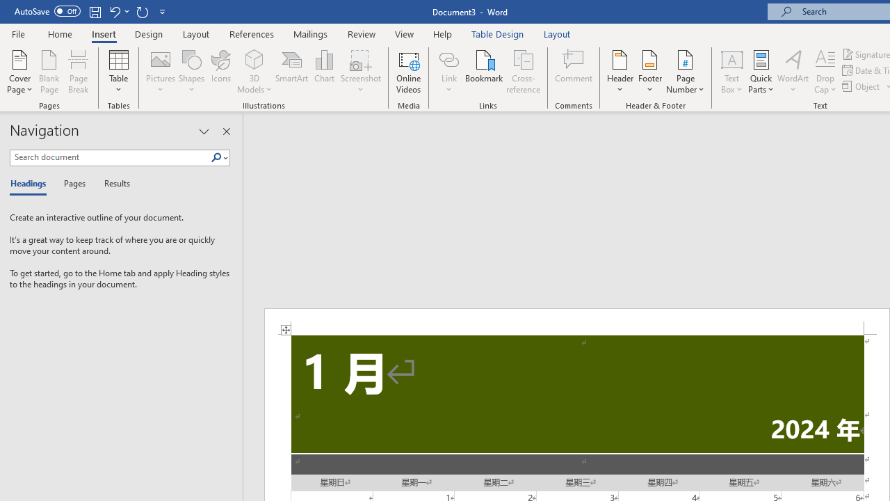 The height and width of the screenshot is (501, 890). Describe the element at coordinates (114, 11) in the screenshot. I see `'Undo Increase Indent'` at that location.